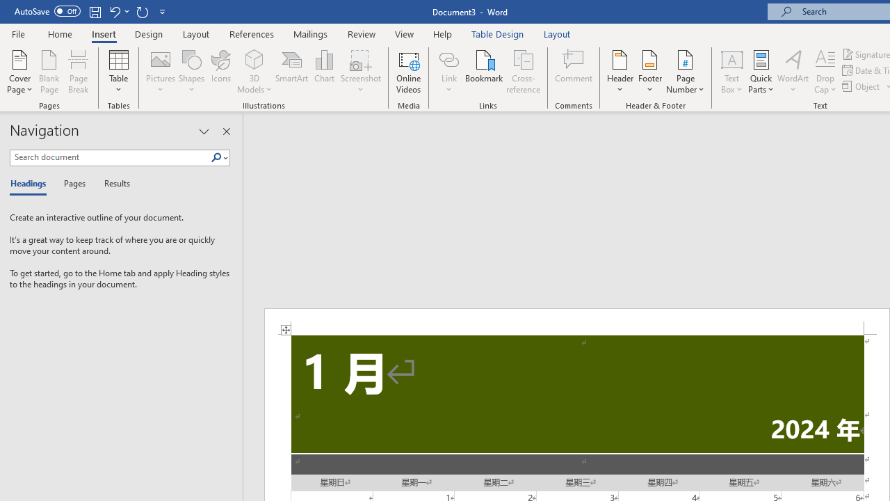 The height and width of the screenshot is (501, 890). Describe the element at coordinates (114, 11) in the screenshot. I see `'Undo Increase Indent'` at that location.